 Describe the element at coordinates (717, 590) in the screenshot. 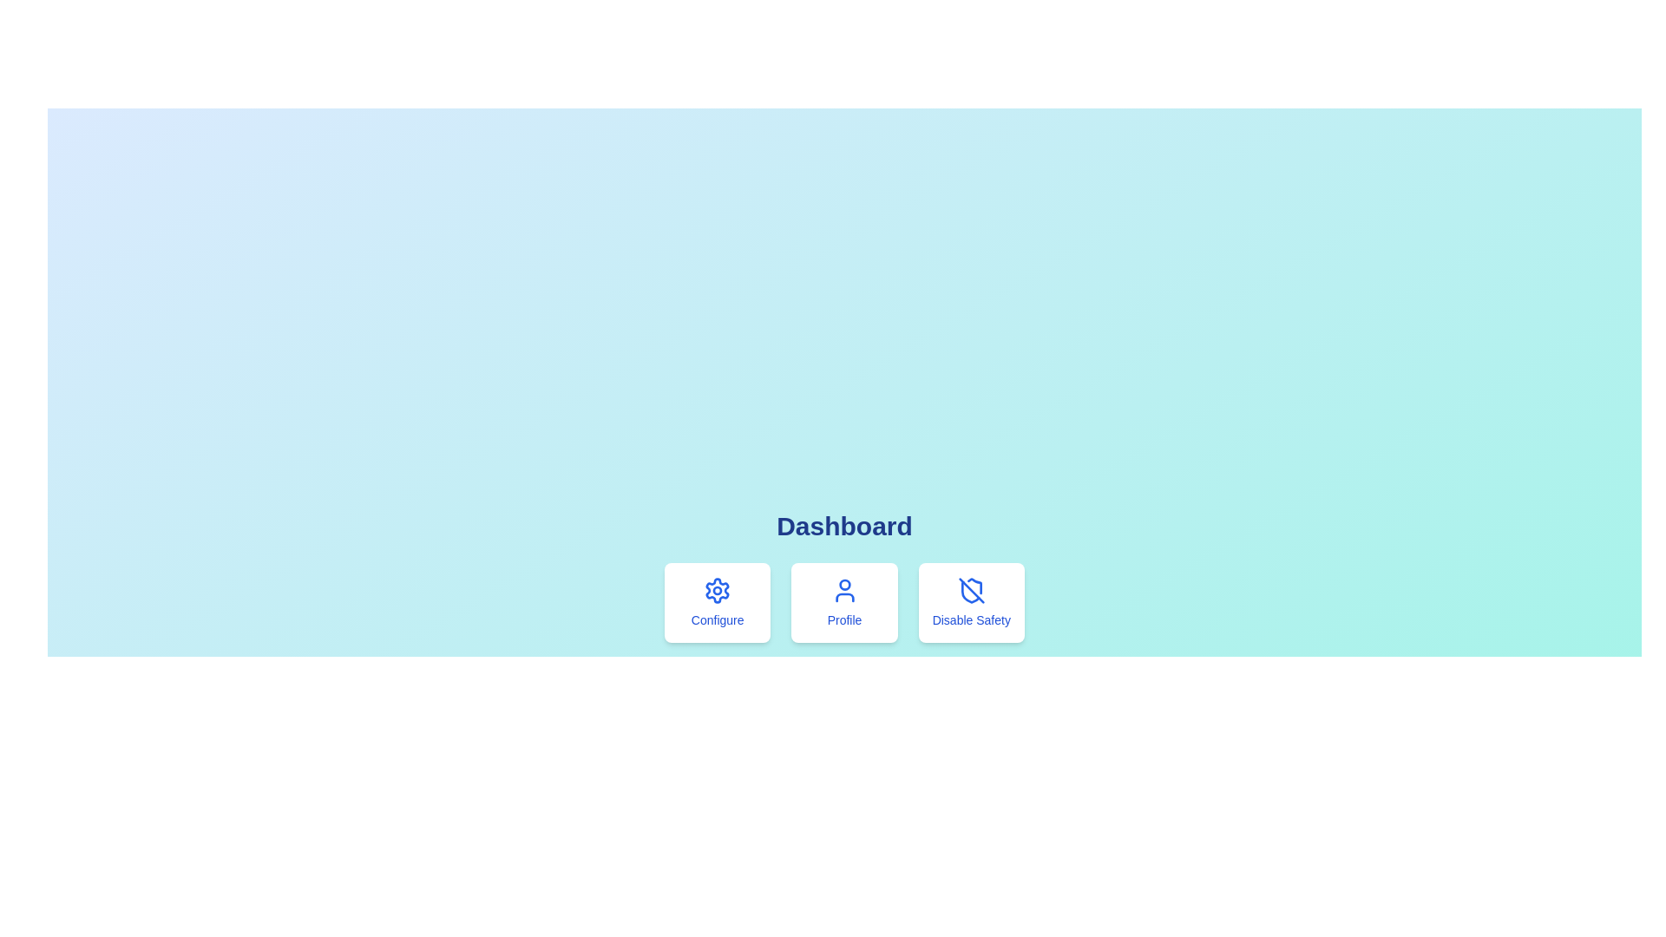

I see `the blue gear-like icon representing settings` at that location.